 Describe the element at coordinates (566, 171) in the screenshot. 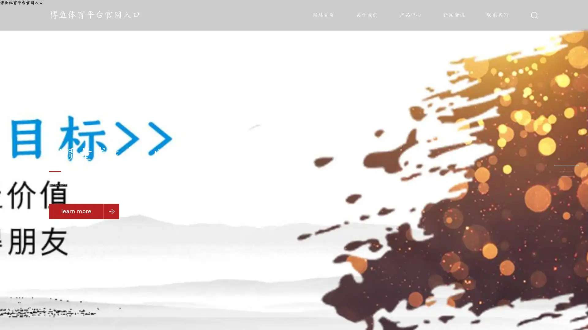

I see `Go to slide 2` at that location.